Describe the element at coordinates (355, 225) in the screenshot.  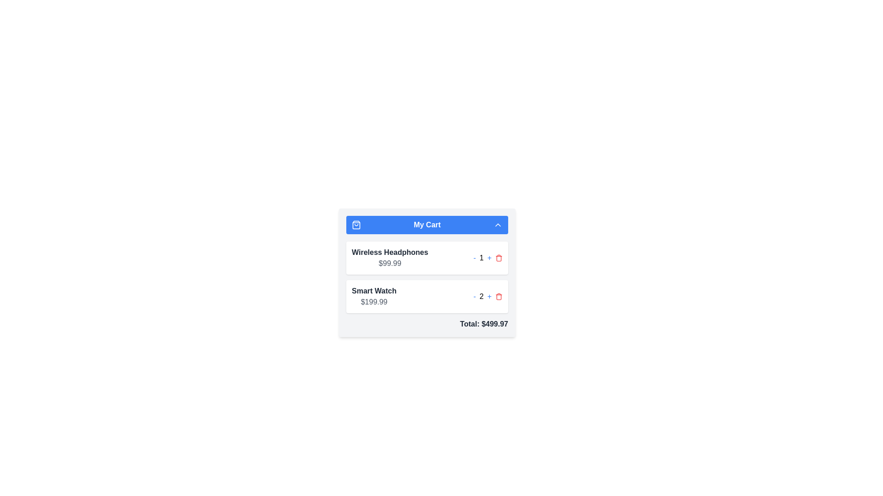
I see `the minimalistic shopping bag icon located in the blue title bar of the 'My Cart' section, positioned to the left of the text 'My Cart'` at that location.